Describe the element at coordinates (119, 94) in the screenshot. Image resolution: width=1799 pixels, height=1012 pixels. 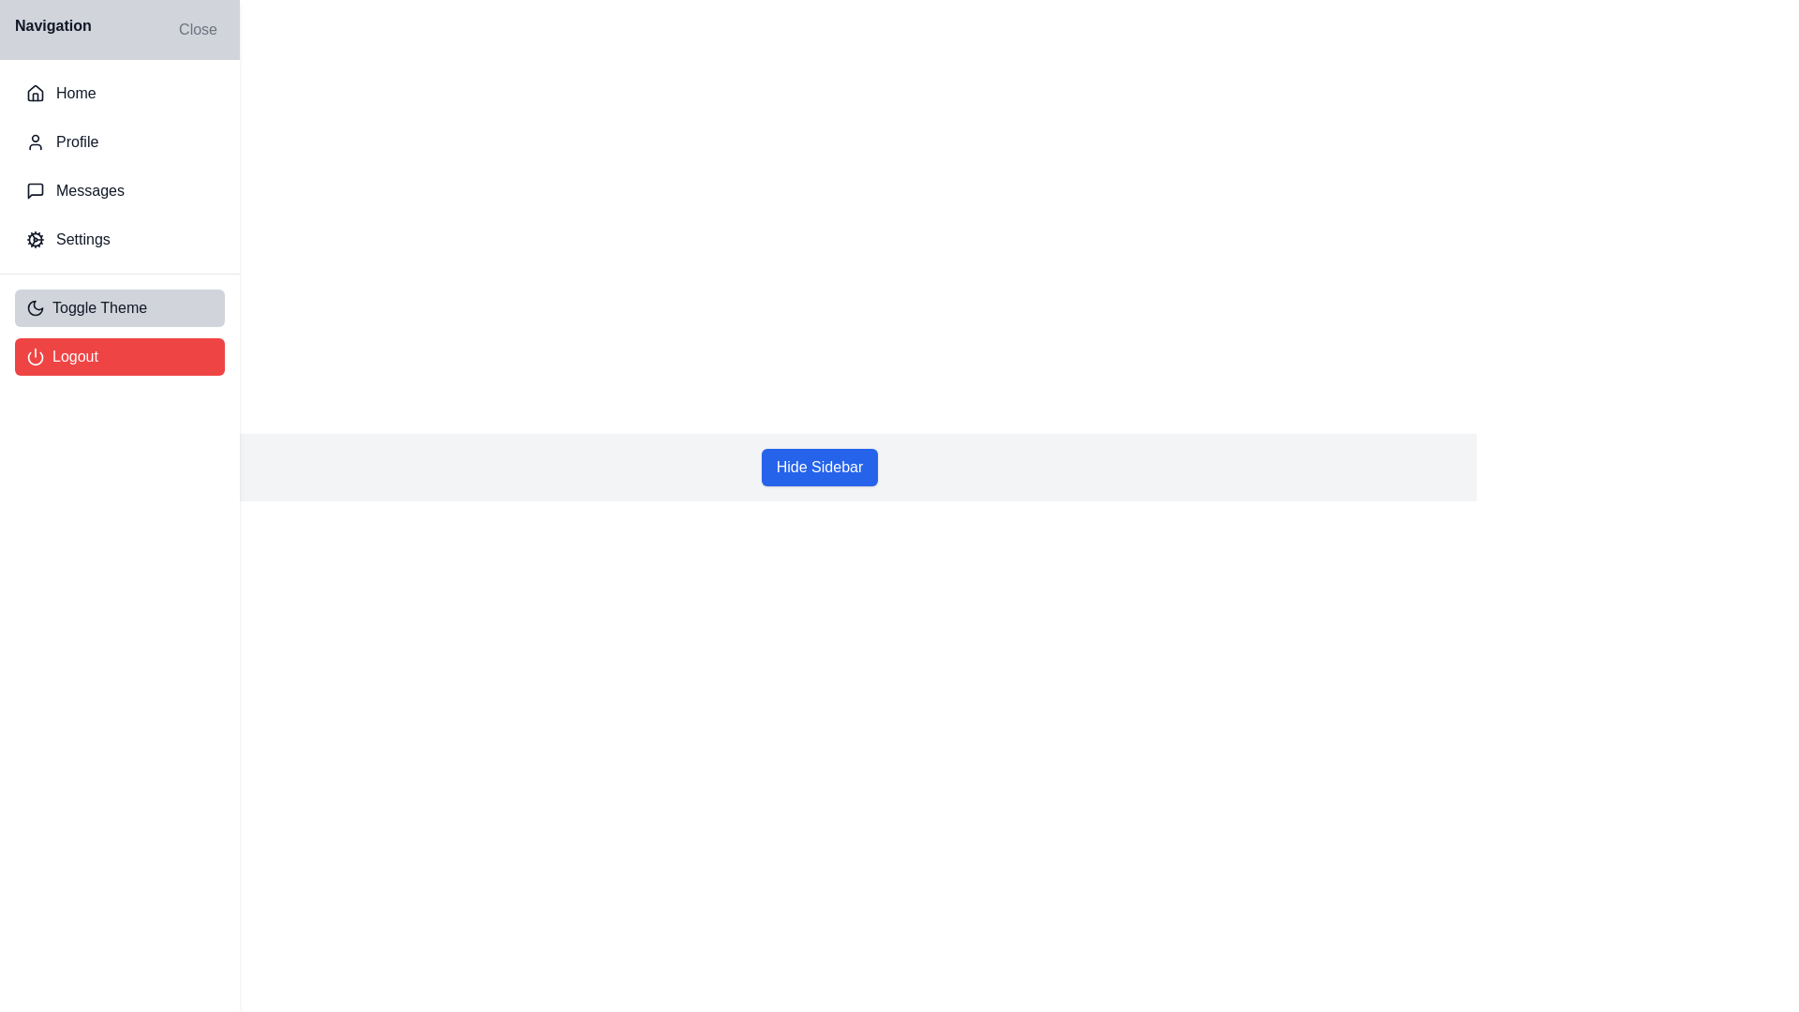
I see `the Navigation Button located at the top of the vertically stacked navigation menu` at that location.